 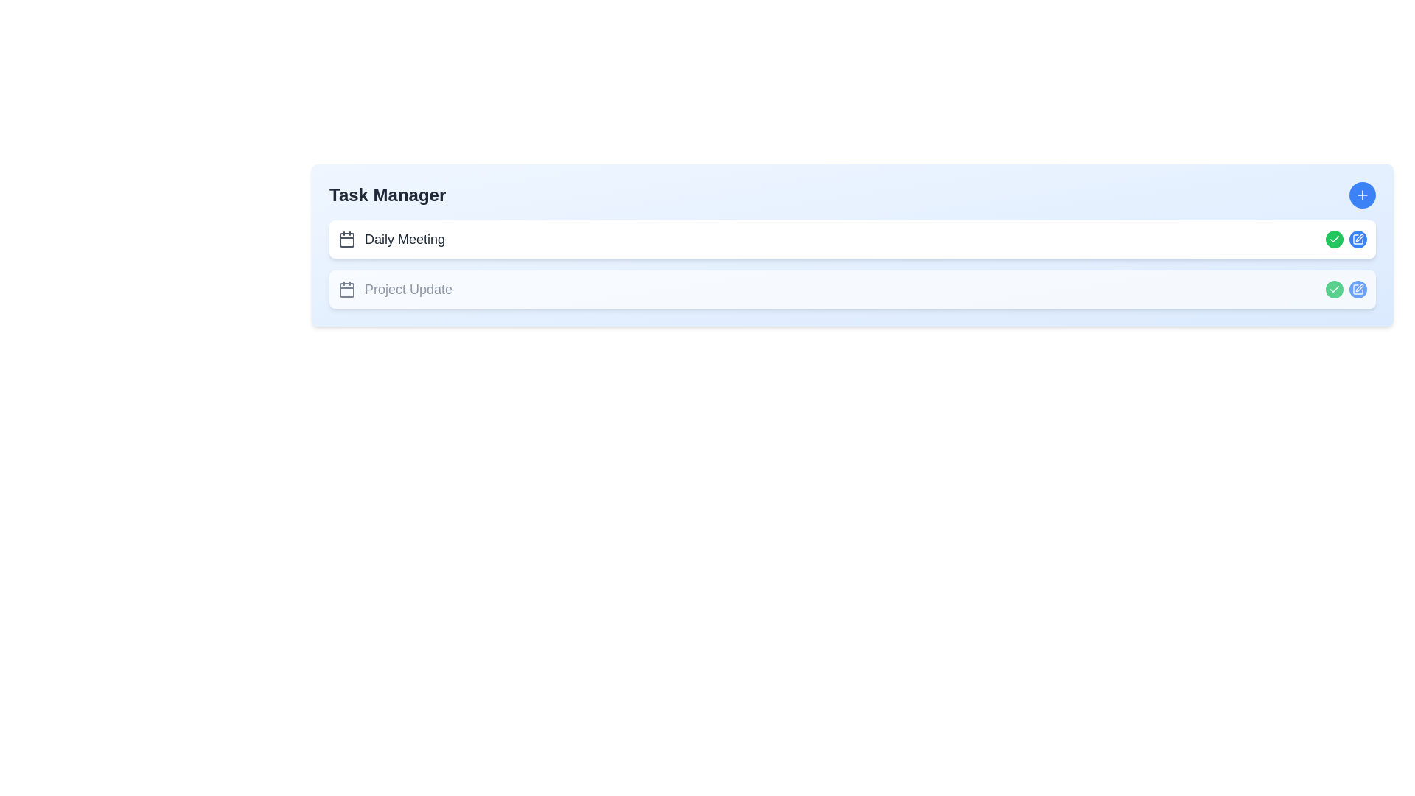 What do you see at coordinates (395, 290) in the screenshot?
I see `the 'Project Update' task item, which is styled with a strikethrough and located within a task management interface` at bounding box center [395, 290].